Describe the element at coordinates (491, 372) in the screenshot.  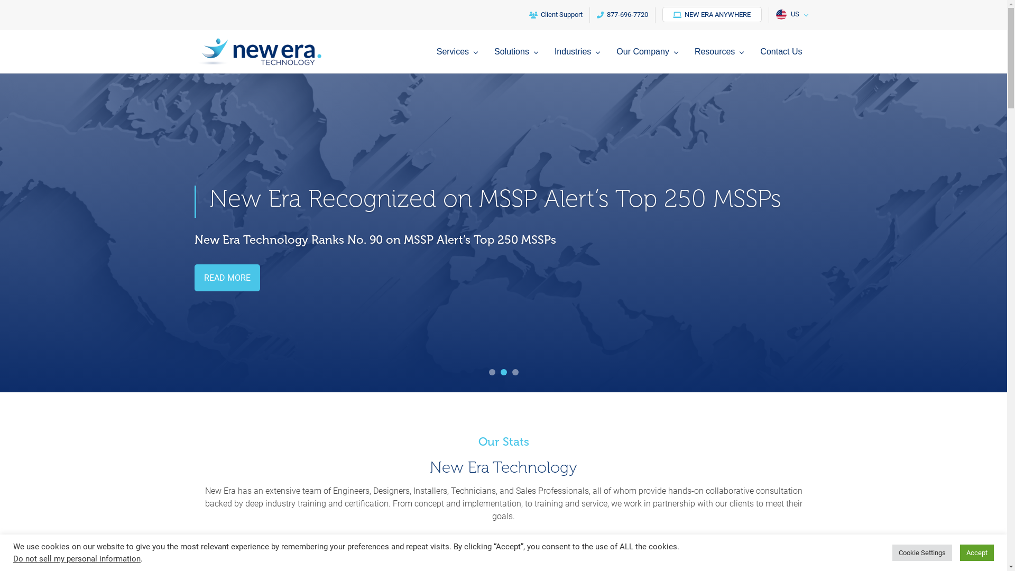
I see `'1'` at that location.